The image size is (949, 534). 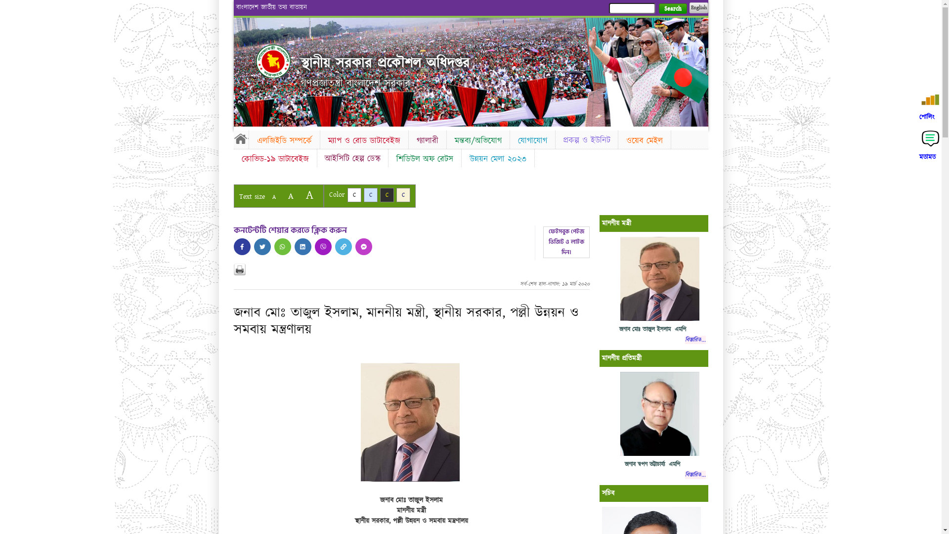 What do you see at coordinates (273, 197) in the screenshot?
I see `'A'` at bounding box center [273, 197].